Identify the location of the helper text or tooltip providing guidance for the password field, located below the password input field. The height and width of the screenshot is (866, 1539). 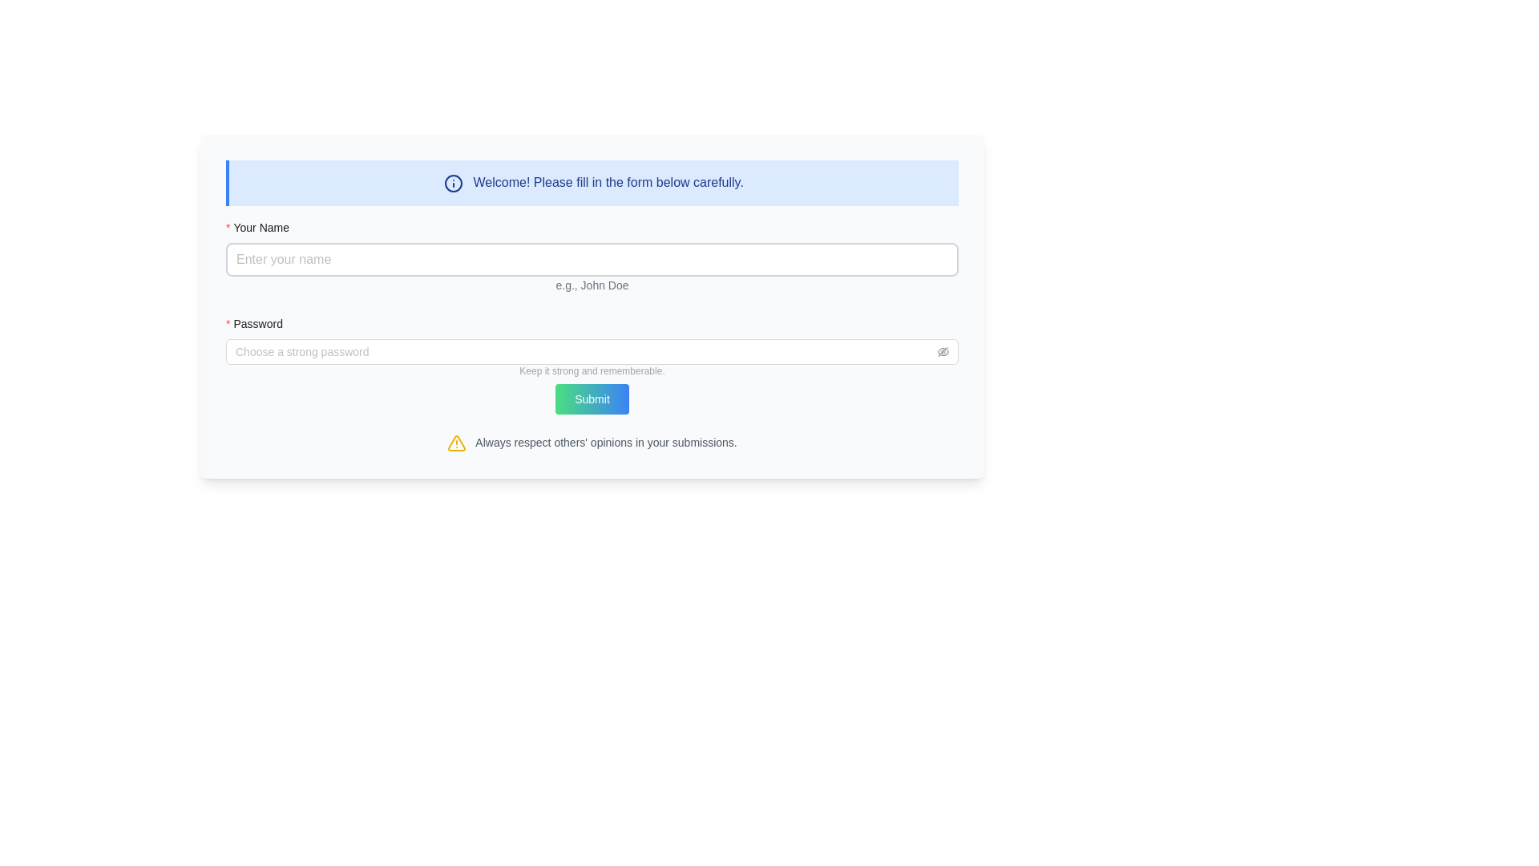
(592, 370).